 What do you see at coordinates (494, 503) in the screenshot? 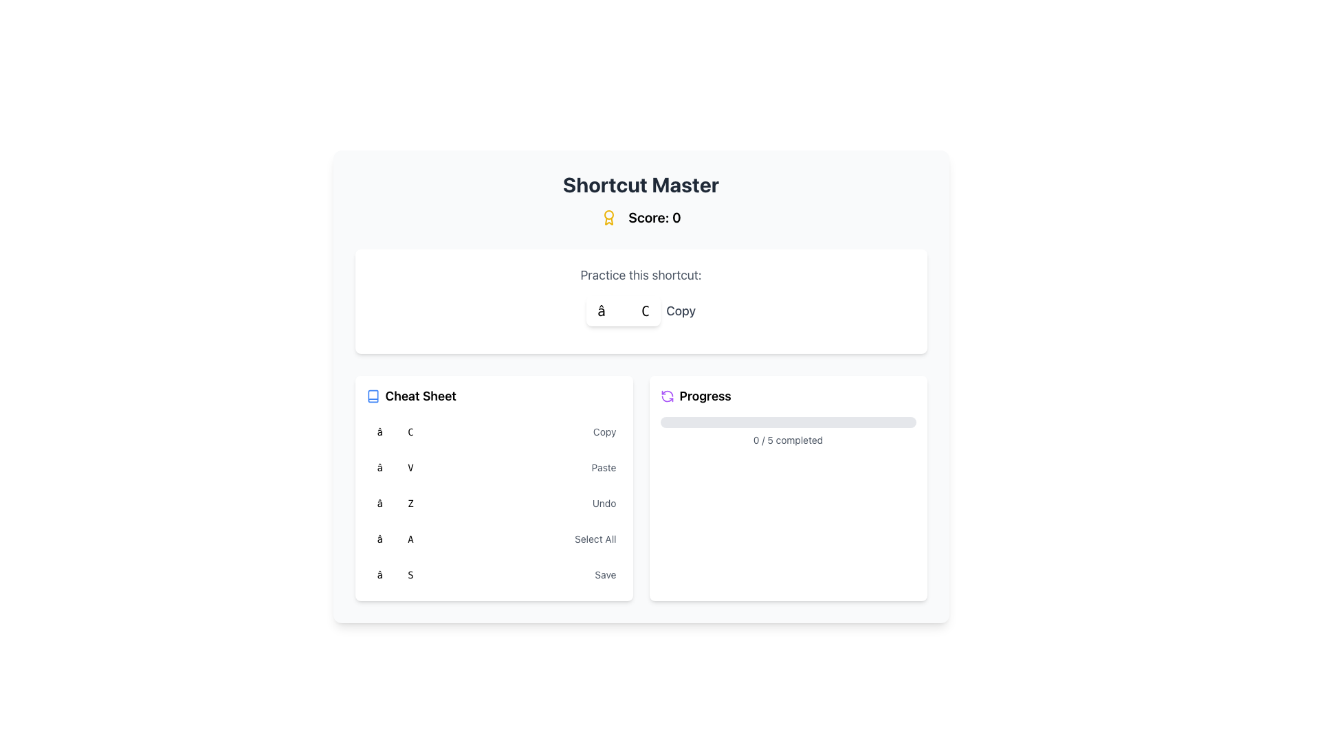
I see `the information displayed in the 'Undo' label, which is part of a horizontally-aligned component with a red square containing '⌘ Z' on the left and 'Undo' text on the right` at bounding box center [494, 503].